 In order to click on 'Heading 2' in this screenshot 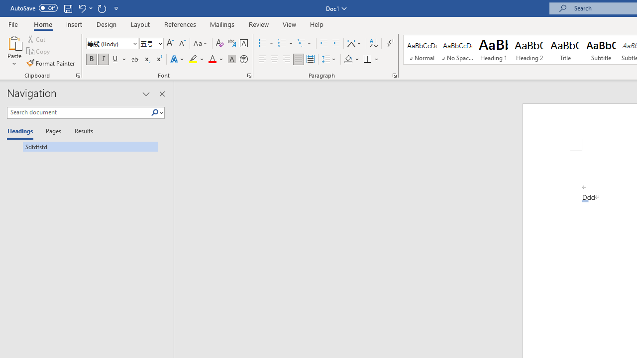, I will do `click(529, 50)`.